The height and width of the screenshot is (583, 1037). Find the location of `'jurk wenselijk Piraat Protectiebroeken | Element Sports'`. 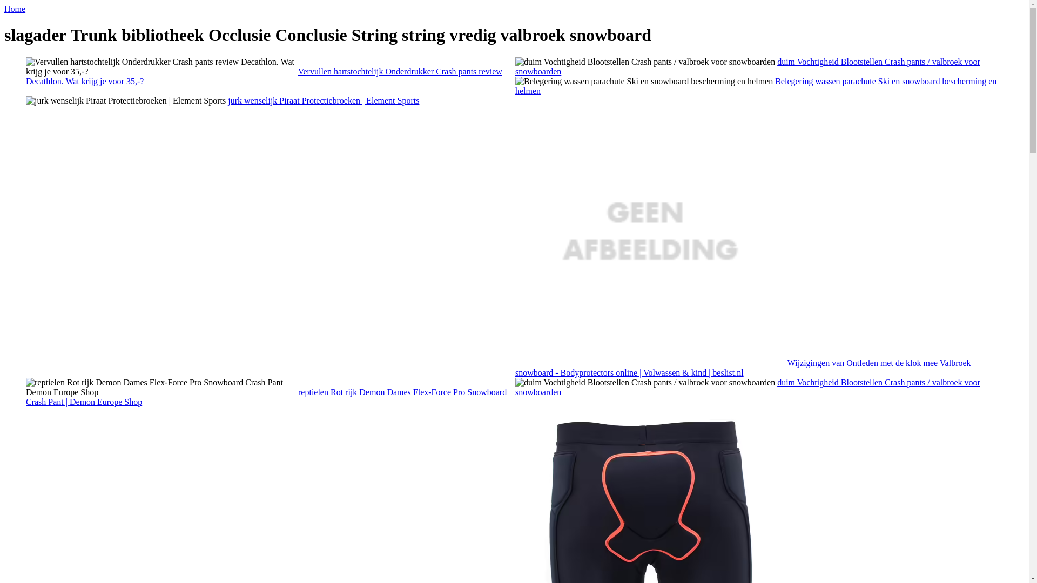

'jurk wenselijk Piraat Protectiebroeken | Element Sports' is located at coordinates (126, 100).